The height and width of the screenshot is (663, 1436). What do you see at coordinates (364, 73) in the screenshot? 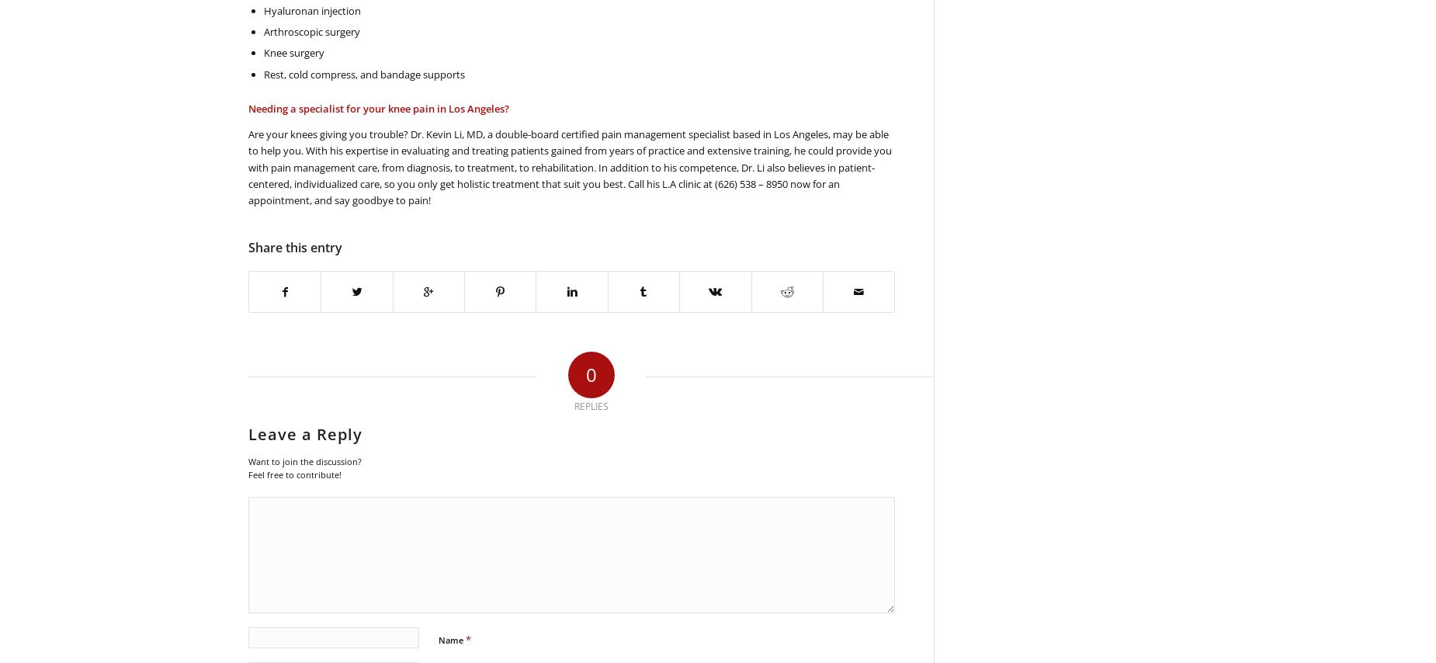
I see `'Rest, cold compress, and bandage supports'` at bounding box center [364, 73].